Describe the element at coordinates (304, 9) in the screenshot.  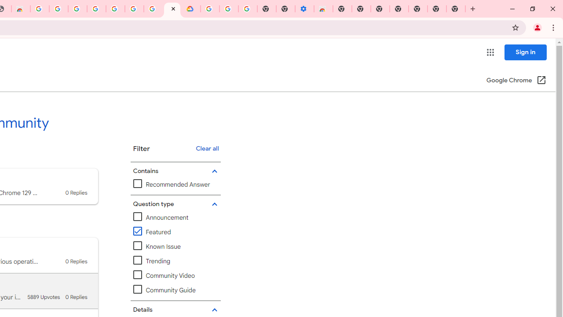
I see `'Settings - Accessibility'` at that location.